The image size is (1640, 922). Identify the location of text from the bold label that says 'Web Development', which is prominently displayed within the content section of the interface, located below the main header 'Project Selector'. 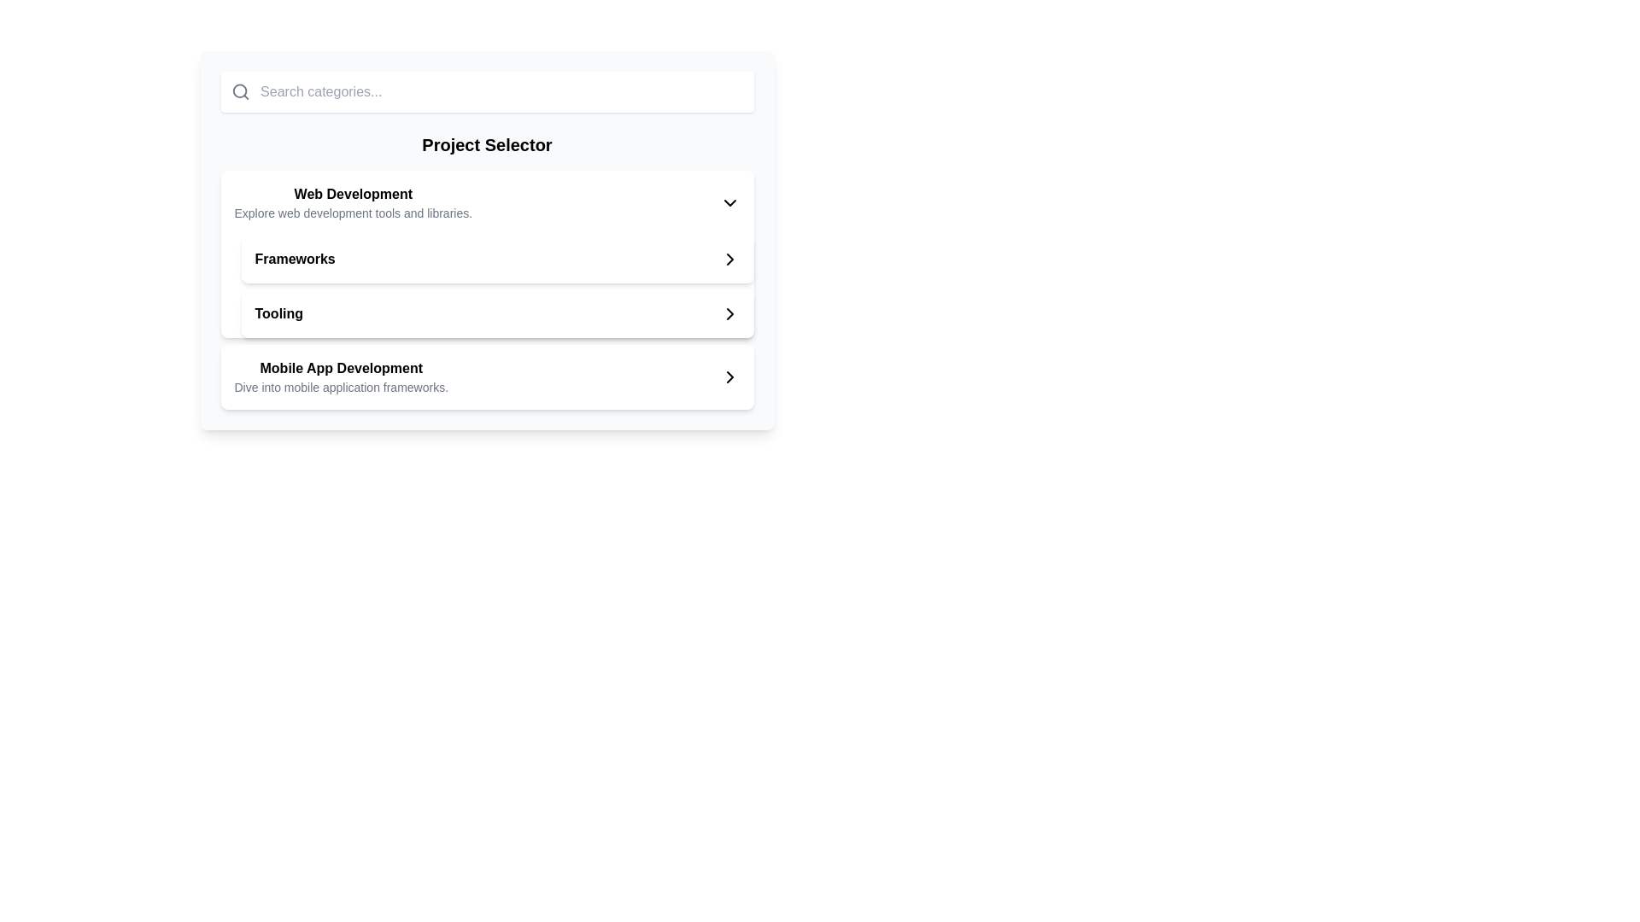
(352, 193).